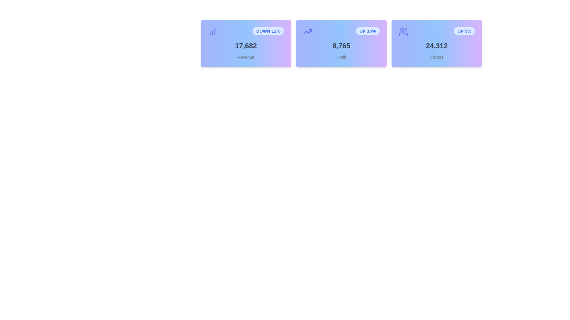 This screenshot has width=570, height=320. I want to click on the middle dashboard summary widget that displays key performance indicators such as profit, visitor count, or revenue, so click(341, 43).